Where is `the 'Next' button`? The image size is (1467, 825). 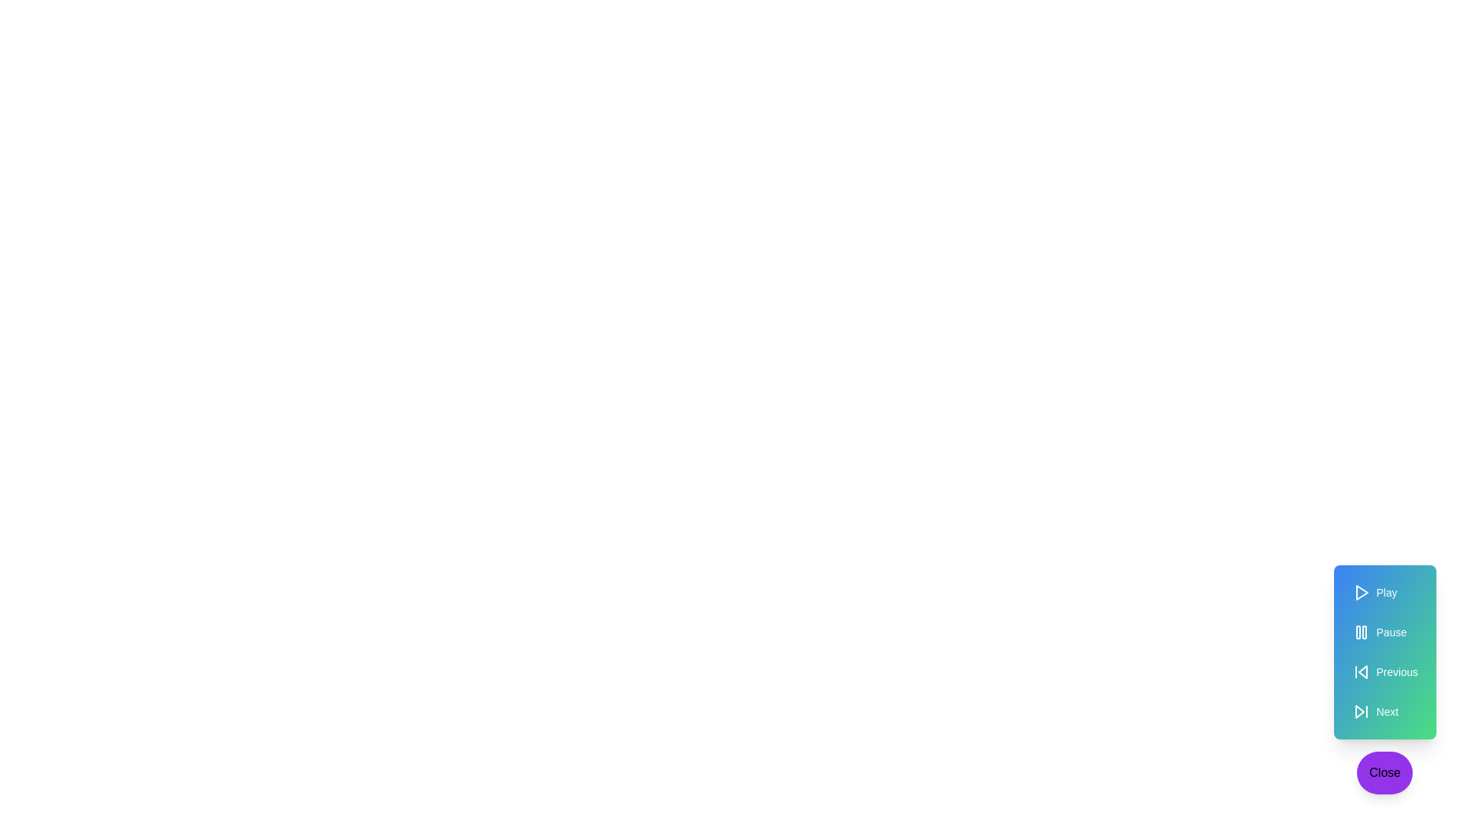
the 'Next' button is located at coordinates (1384, 712).